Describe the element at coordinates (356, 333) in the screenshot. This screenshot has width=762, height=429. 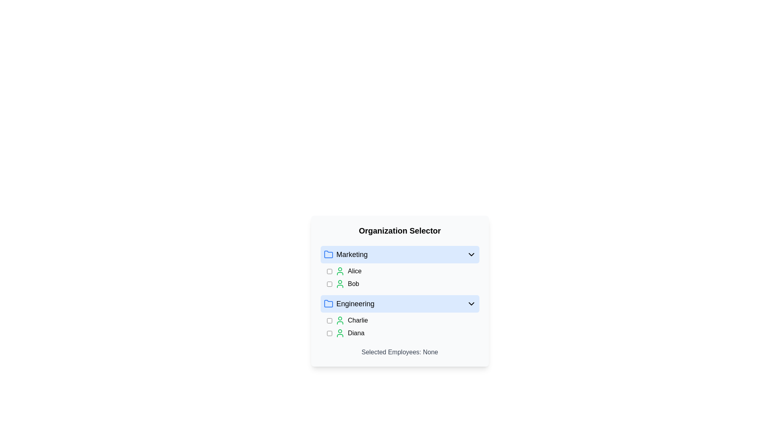
I see `the text label identifying the entity named 'Diana' within the 'Engineering' section of the 'Organization Selector' list` at that location.